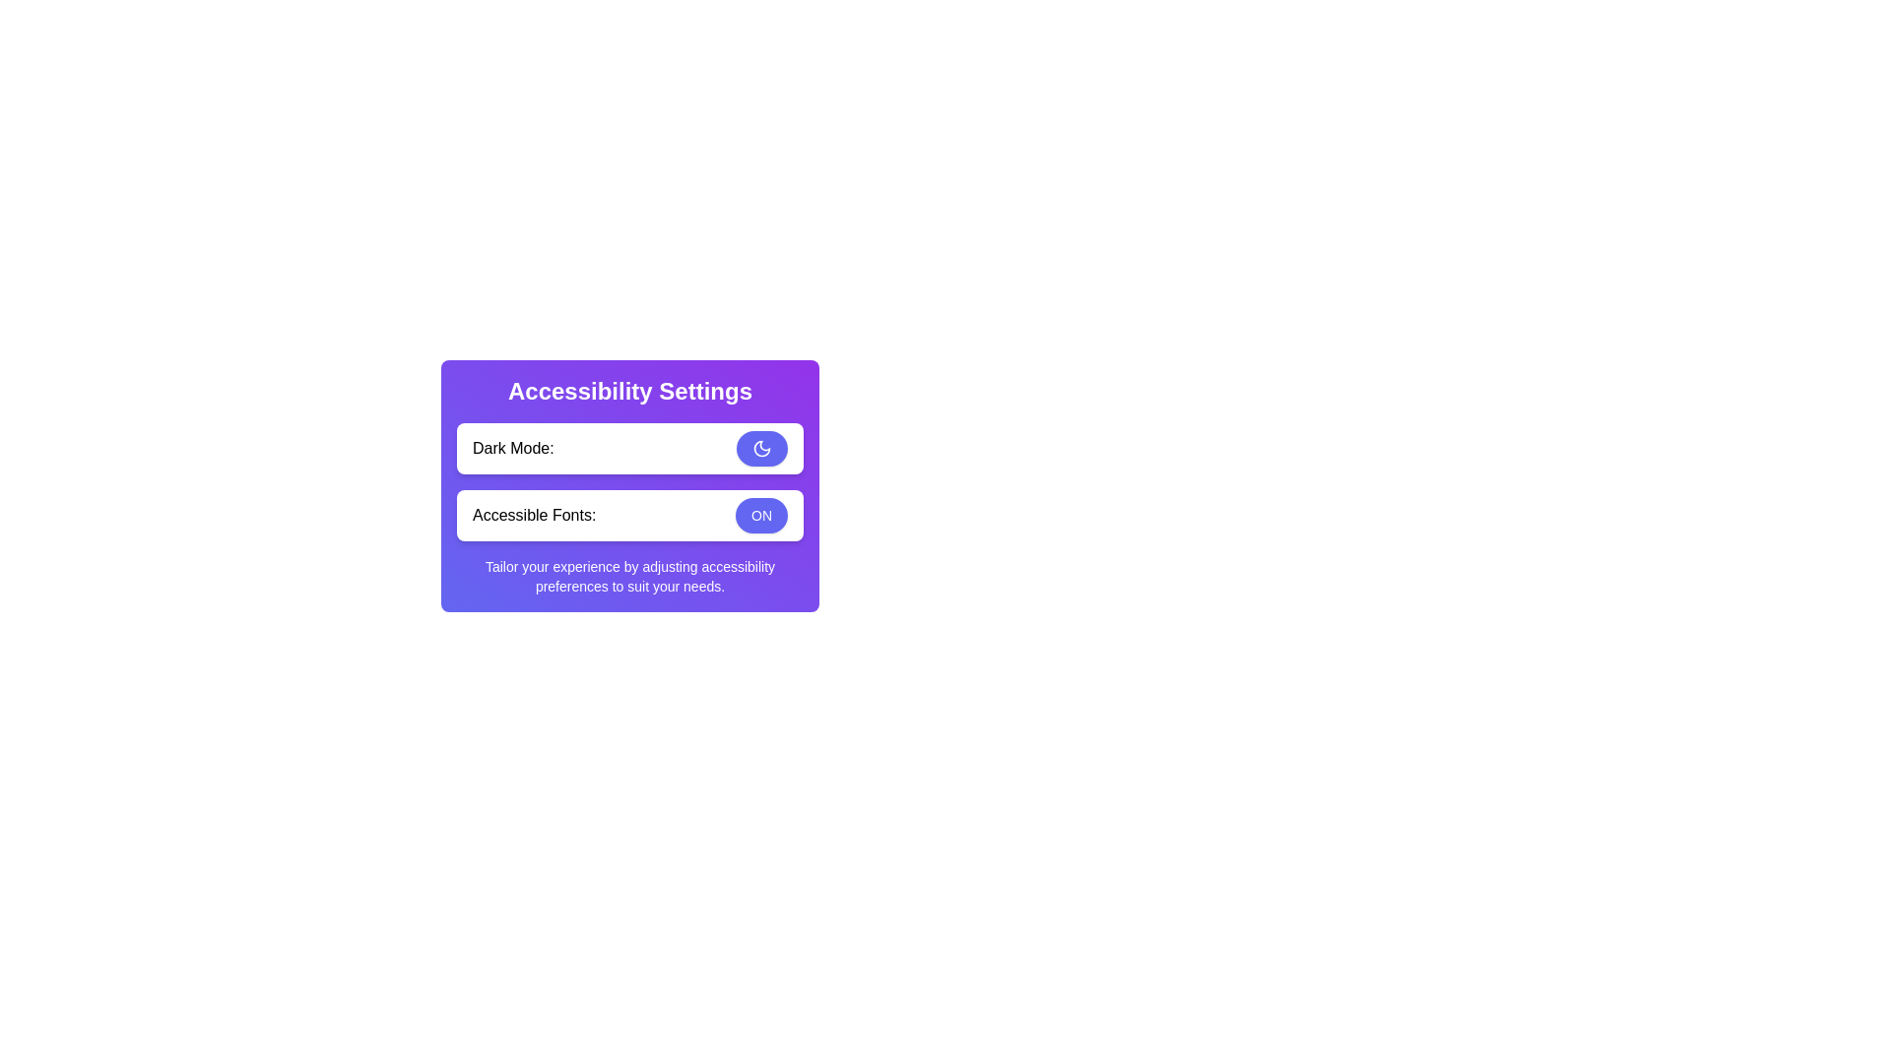 Image resolution: width=1891 pixels, height=1063 pixels. What do you see at coordinates (628, 485) in the screenshot?
I see `the 'Accessibility Settings' card that contains the title in bold white text, descriptive texts for 'Dark Mode:' and 'Accessible Fonts:', and interactive buttons for user interaction` at bounding box center [628, 485].